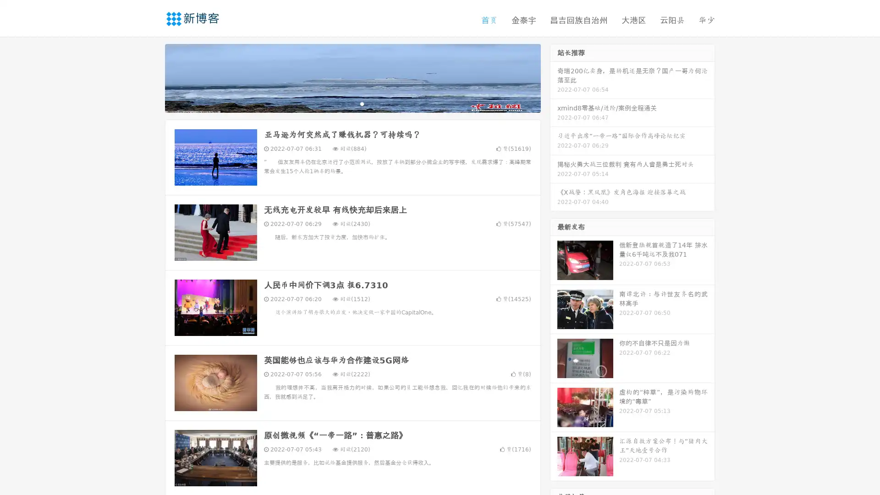  What do you see at coordinates (554, 77) in the screenshot?
I see `Next slide` at bounding box center [554, 77].